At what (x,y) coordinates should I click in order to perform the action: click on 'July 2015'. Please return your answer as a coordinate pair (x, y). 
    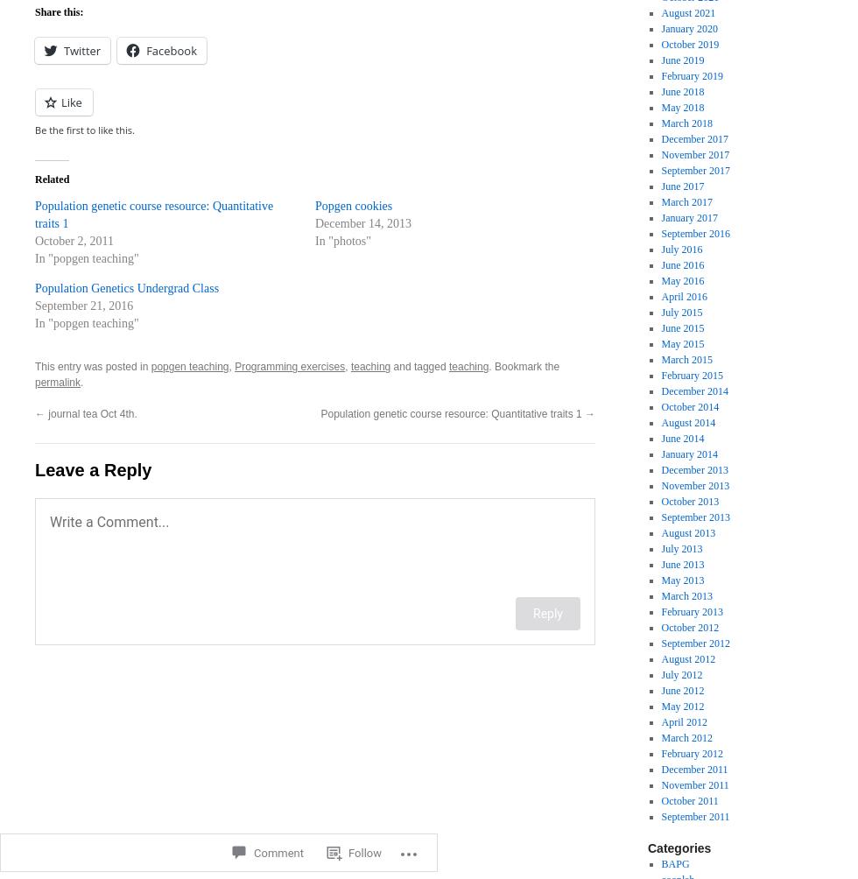
    Looking at the image, I should click on (681, 313).